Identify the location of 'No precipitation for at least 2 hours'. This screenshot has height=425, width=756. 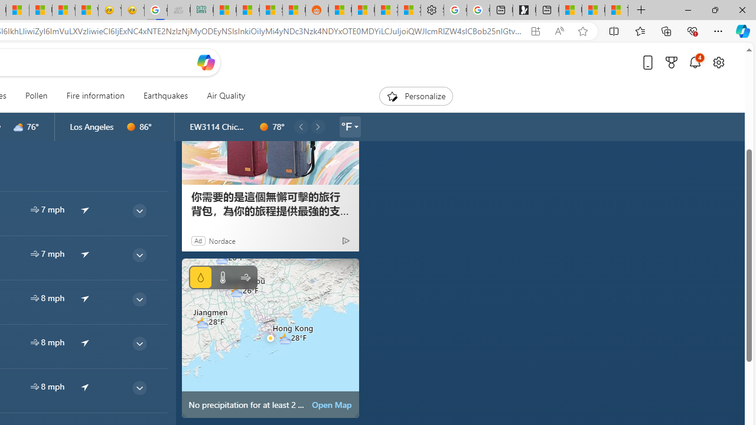
(269, 338).